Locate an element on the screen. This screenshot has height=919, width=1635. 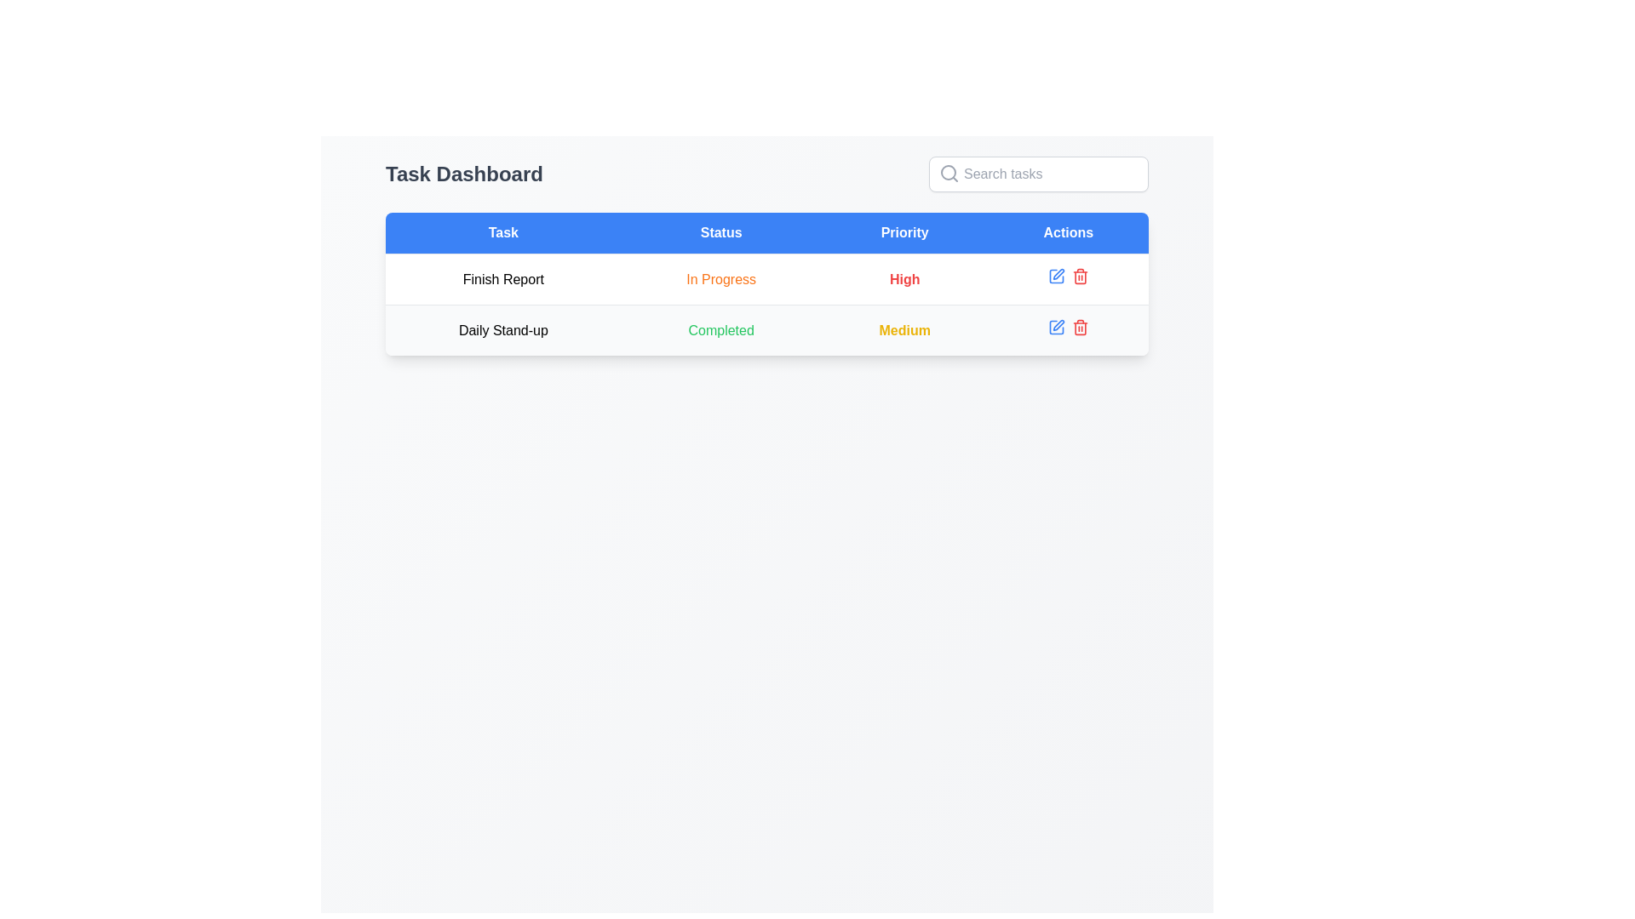
the status label indicating the current progress of the 'Finish Report' task, located in the 'Status' column of the table is located at coordinates (721, 278).